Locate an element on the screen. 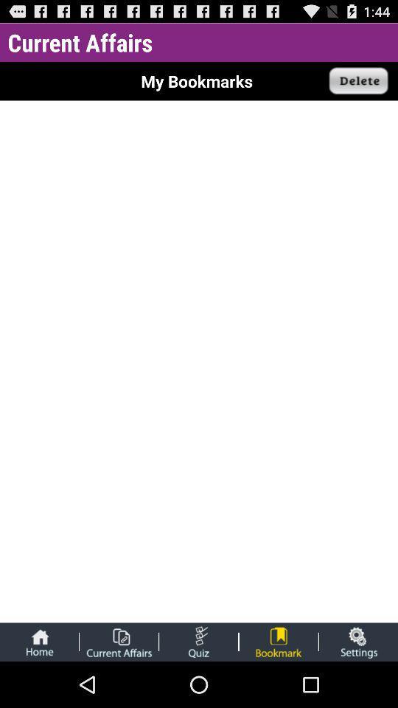 Image resolution: width=398 pixels, height=708 pixels. show current affairs is located at coordinates (118, 641).